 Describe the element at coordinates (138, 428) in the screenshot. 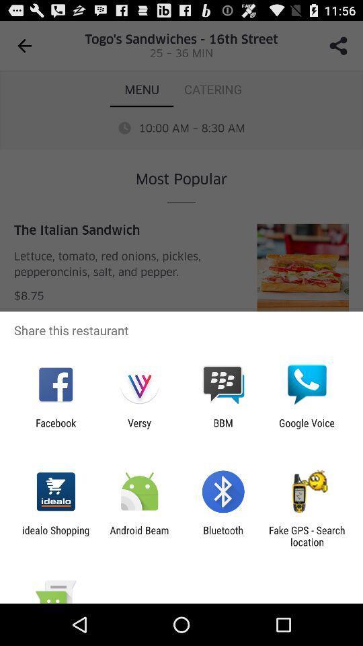

I see `the icon to the right of the facebook item` at that location.